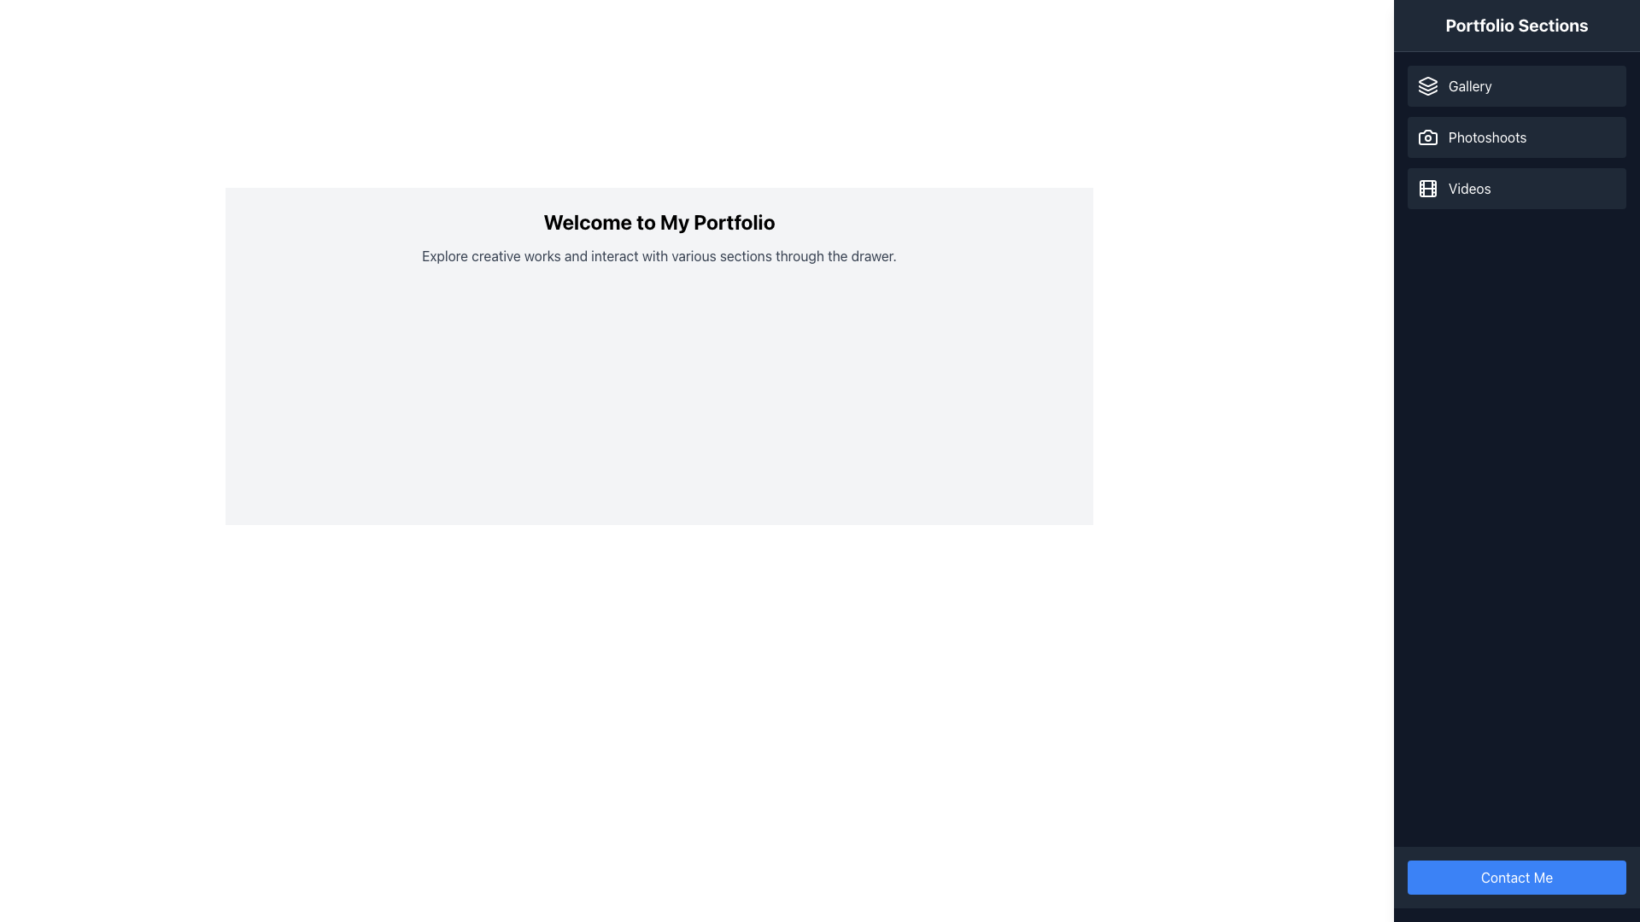 The height and width of the screenshot is (922, 1640). What do you see at coordinates (1517, 137) in the screenshot?
I see `the 'Photoshoots' button in the 'Portfolio Sections' vertical navigation bar` at bounding box center [1517, 137].